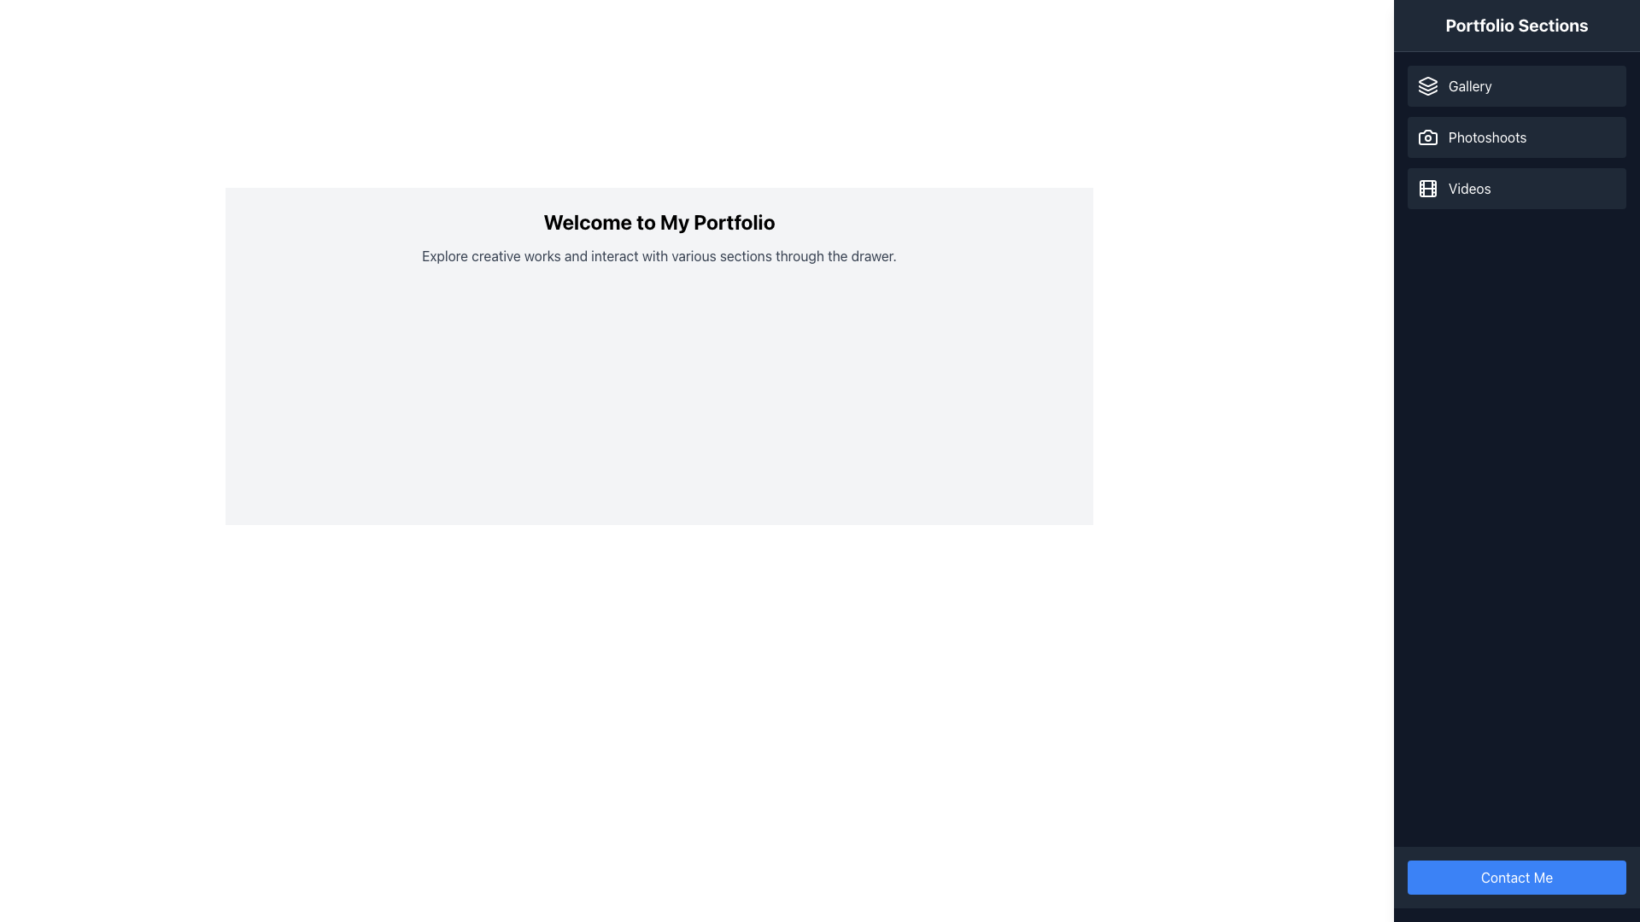 The height and width of the screenshot is (922, 1640). What do you see at coordinates (1517, 137) in the screenshot?
I see `the 'Photoshoots' button in the 'Portfolio Sections' vertical navigation bar` at bounding box center [1517, 137].